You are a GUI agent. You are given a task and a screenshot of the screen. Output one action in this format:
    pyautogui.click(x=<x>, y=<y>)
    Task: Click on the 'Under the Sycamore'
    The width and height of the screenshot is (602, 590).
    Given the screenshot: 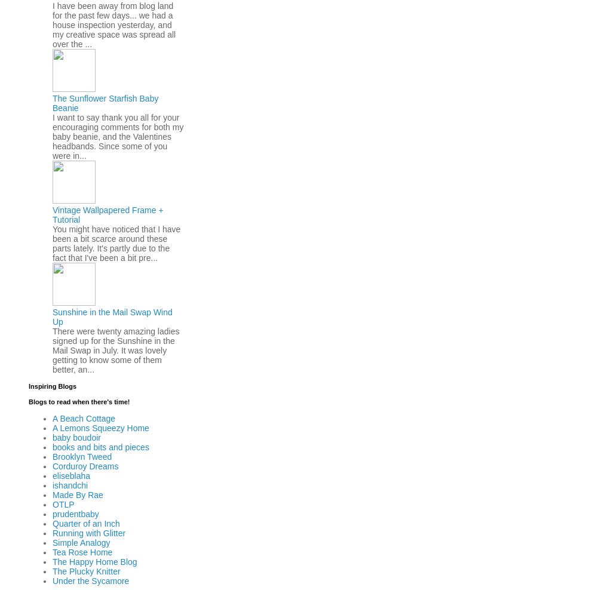 What is the action you would take?
    pyautogui.click(x=52, y=580)
    